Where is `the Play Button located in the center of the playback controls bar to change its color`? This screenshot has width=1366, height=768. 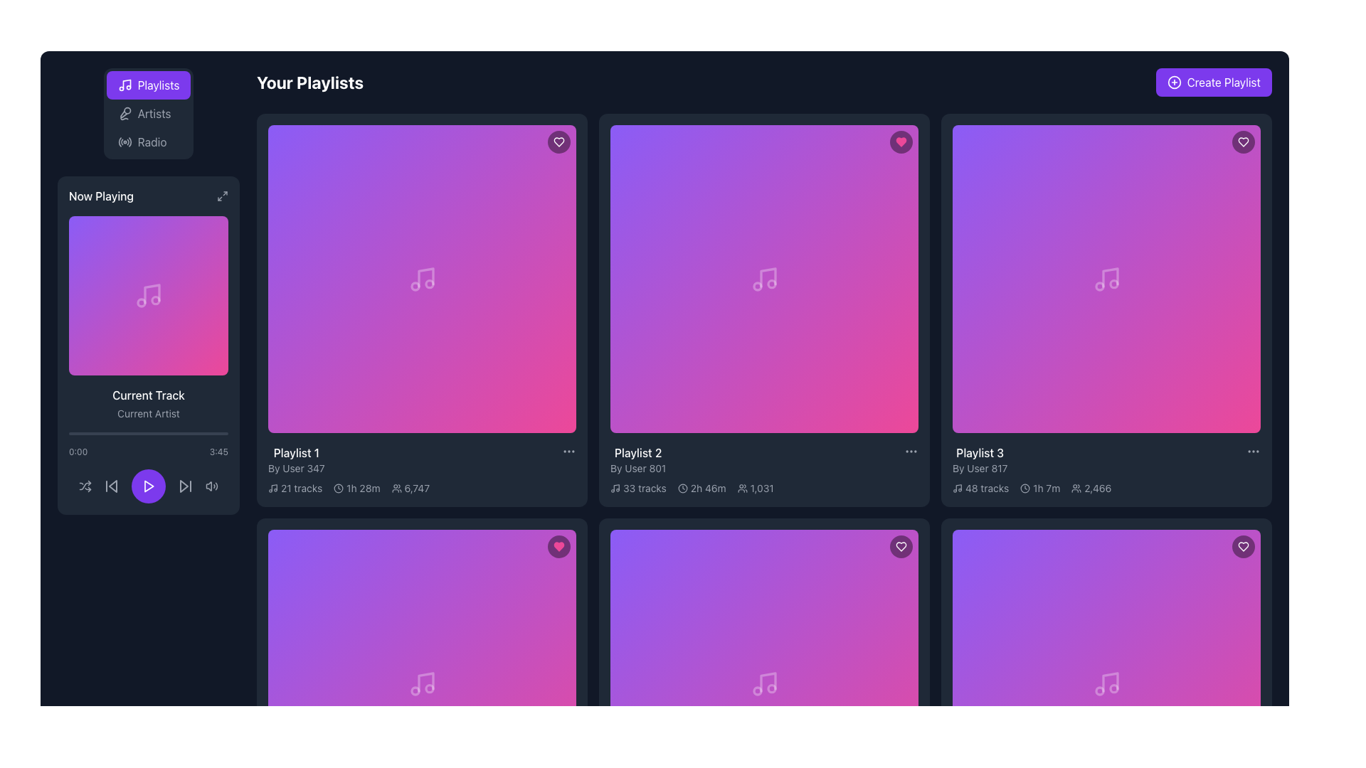 the Play Button located in the center of the playback controls bar to change its color is located at coordinates (149, 485).